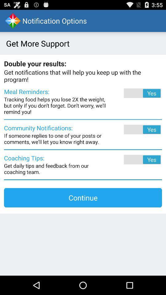 The width and height of the screenshot is (166, 295). What do you see at coordinates (134, 159) in the screenshot?
I see `yes and no` at bounding box center [134, 159].